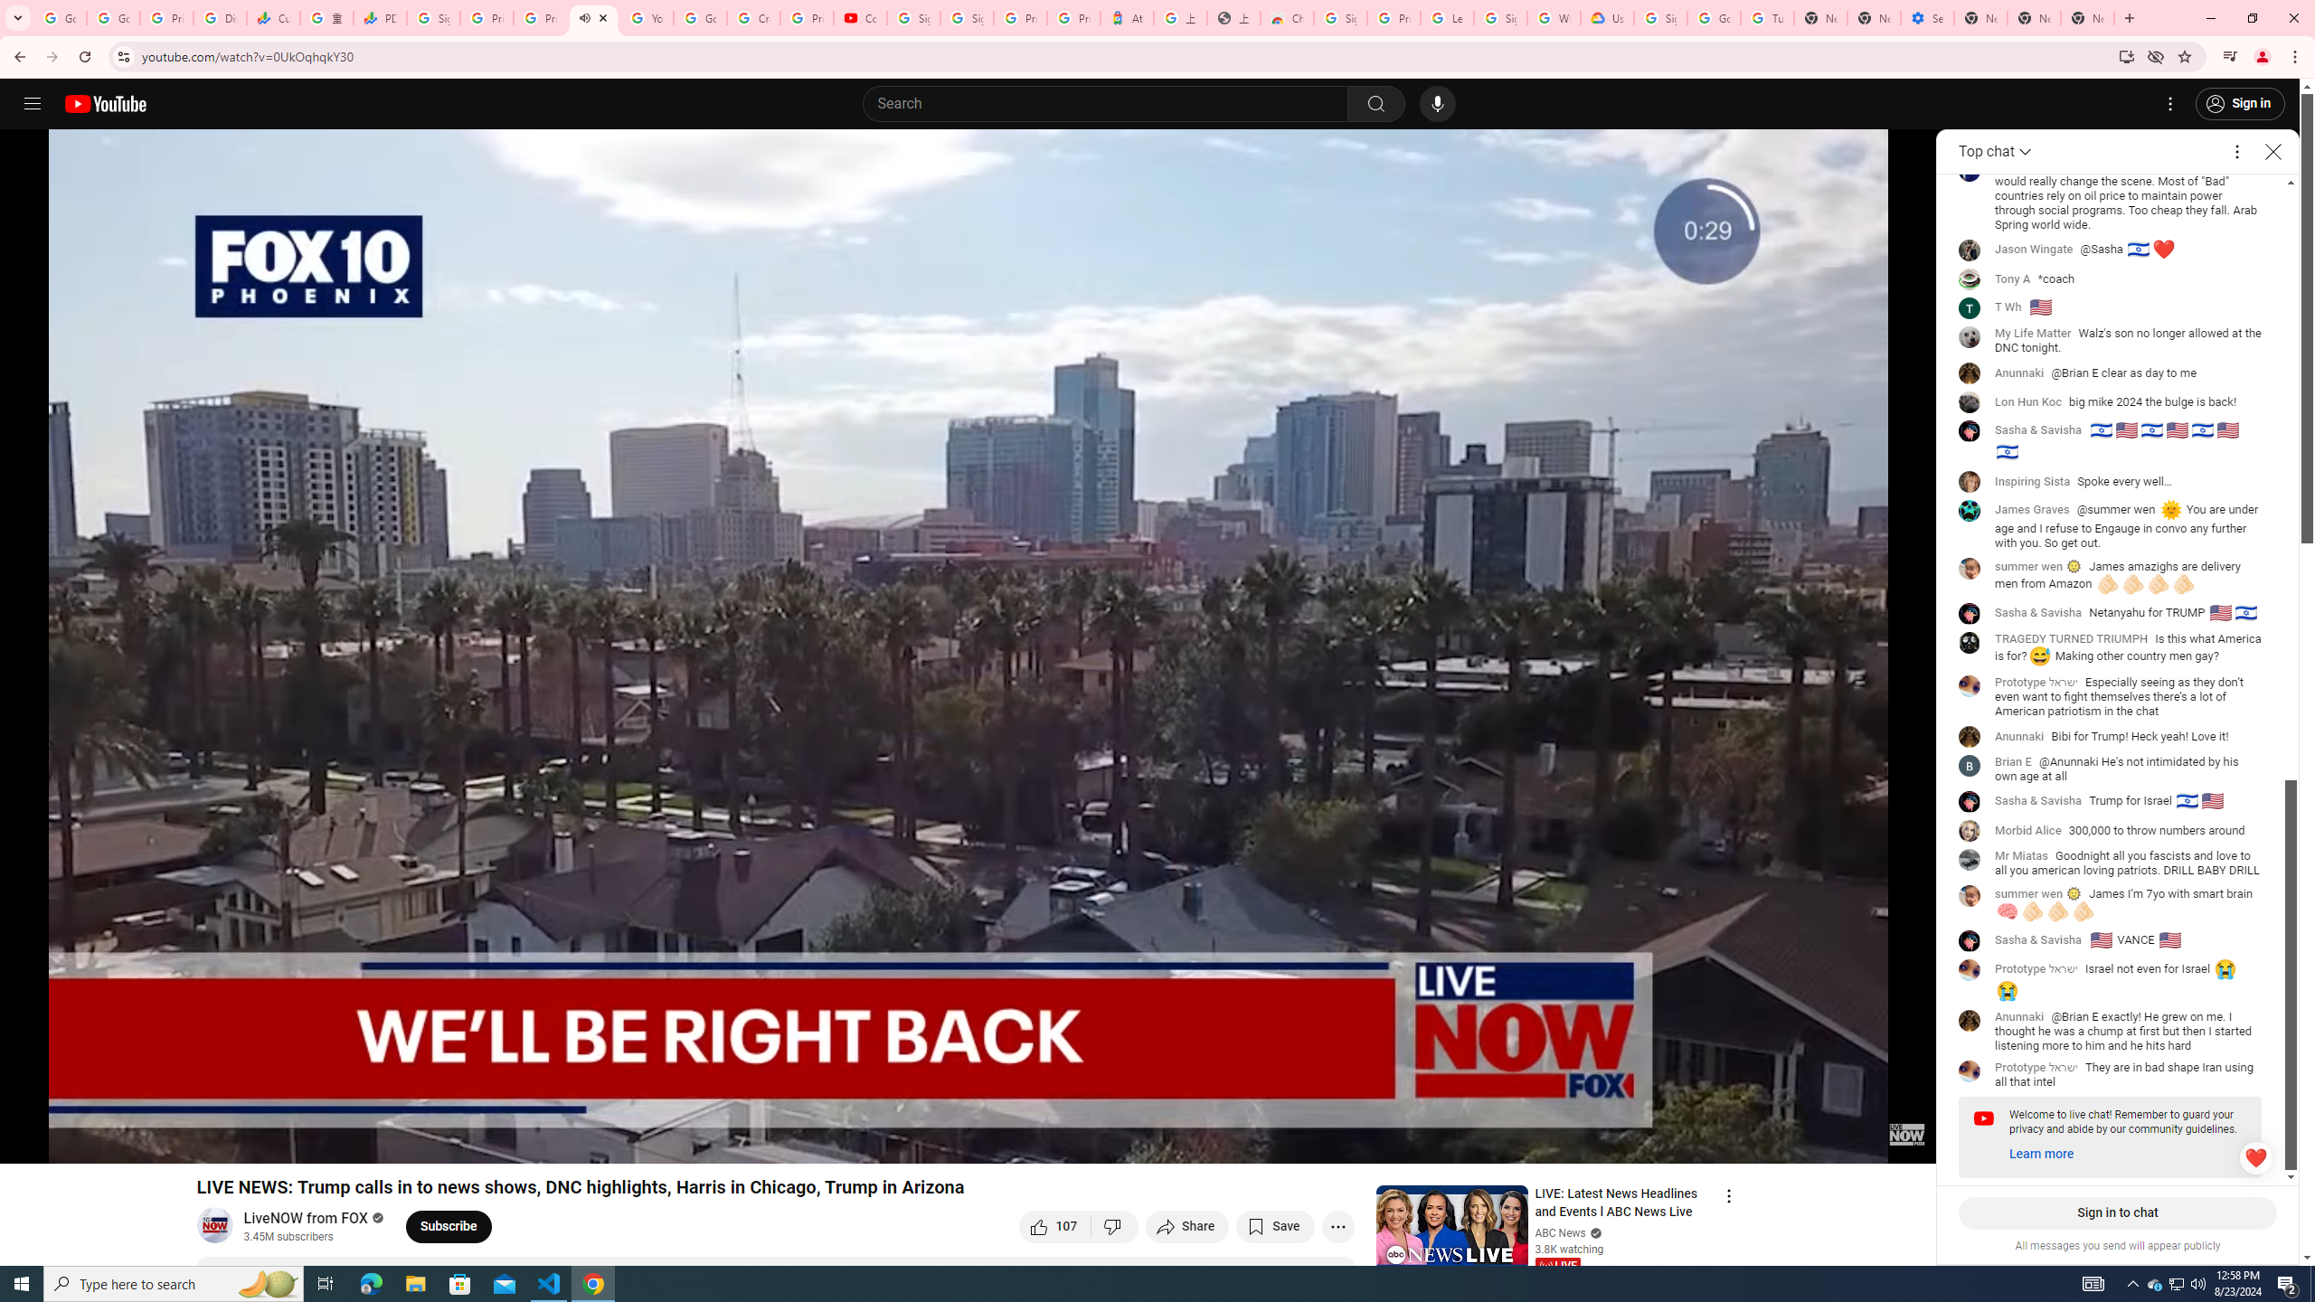 The height and width of the screenshot is (1302, 2315). What do you see at coordinates (1906, 1133) in the screenshot?
I see `'Channel watermark'` at bounding box center [1906, 1133].